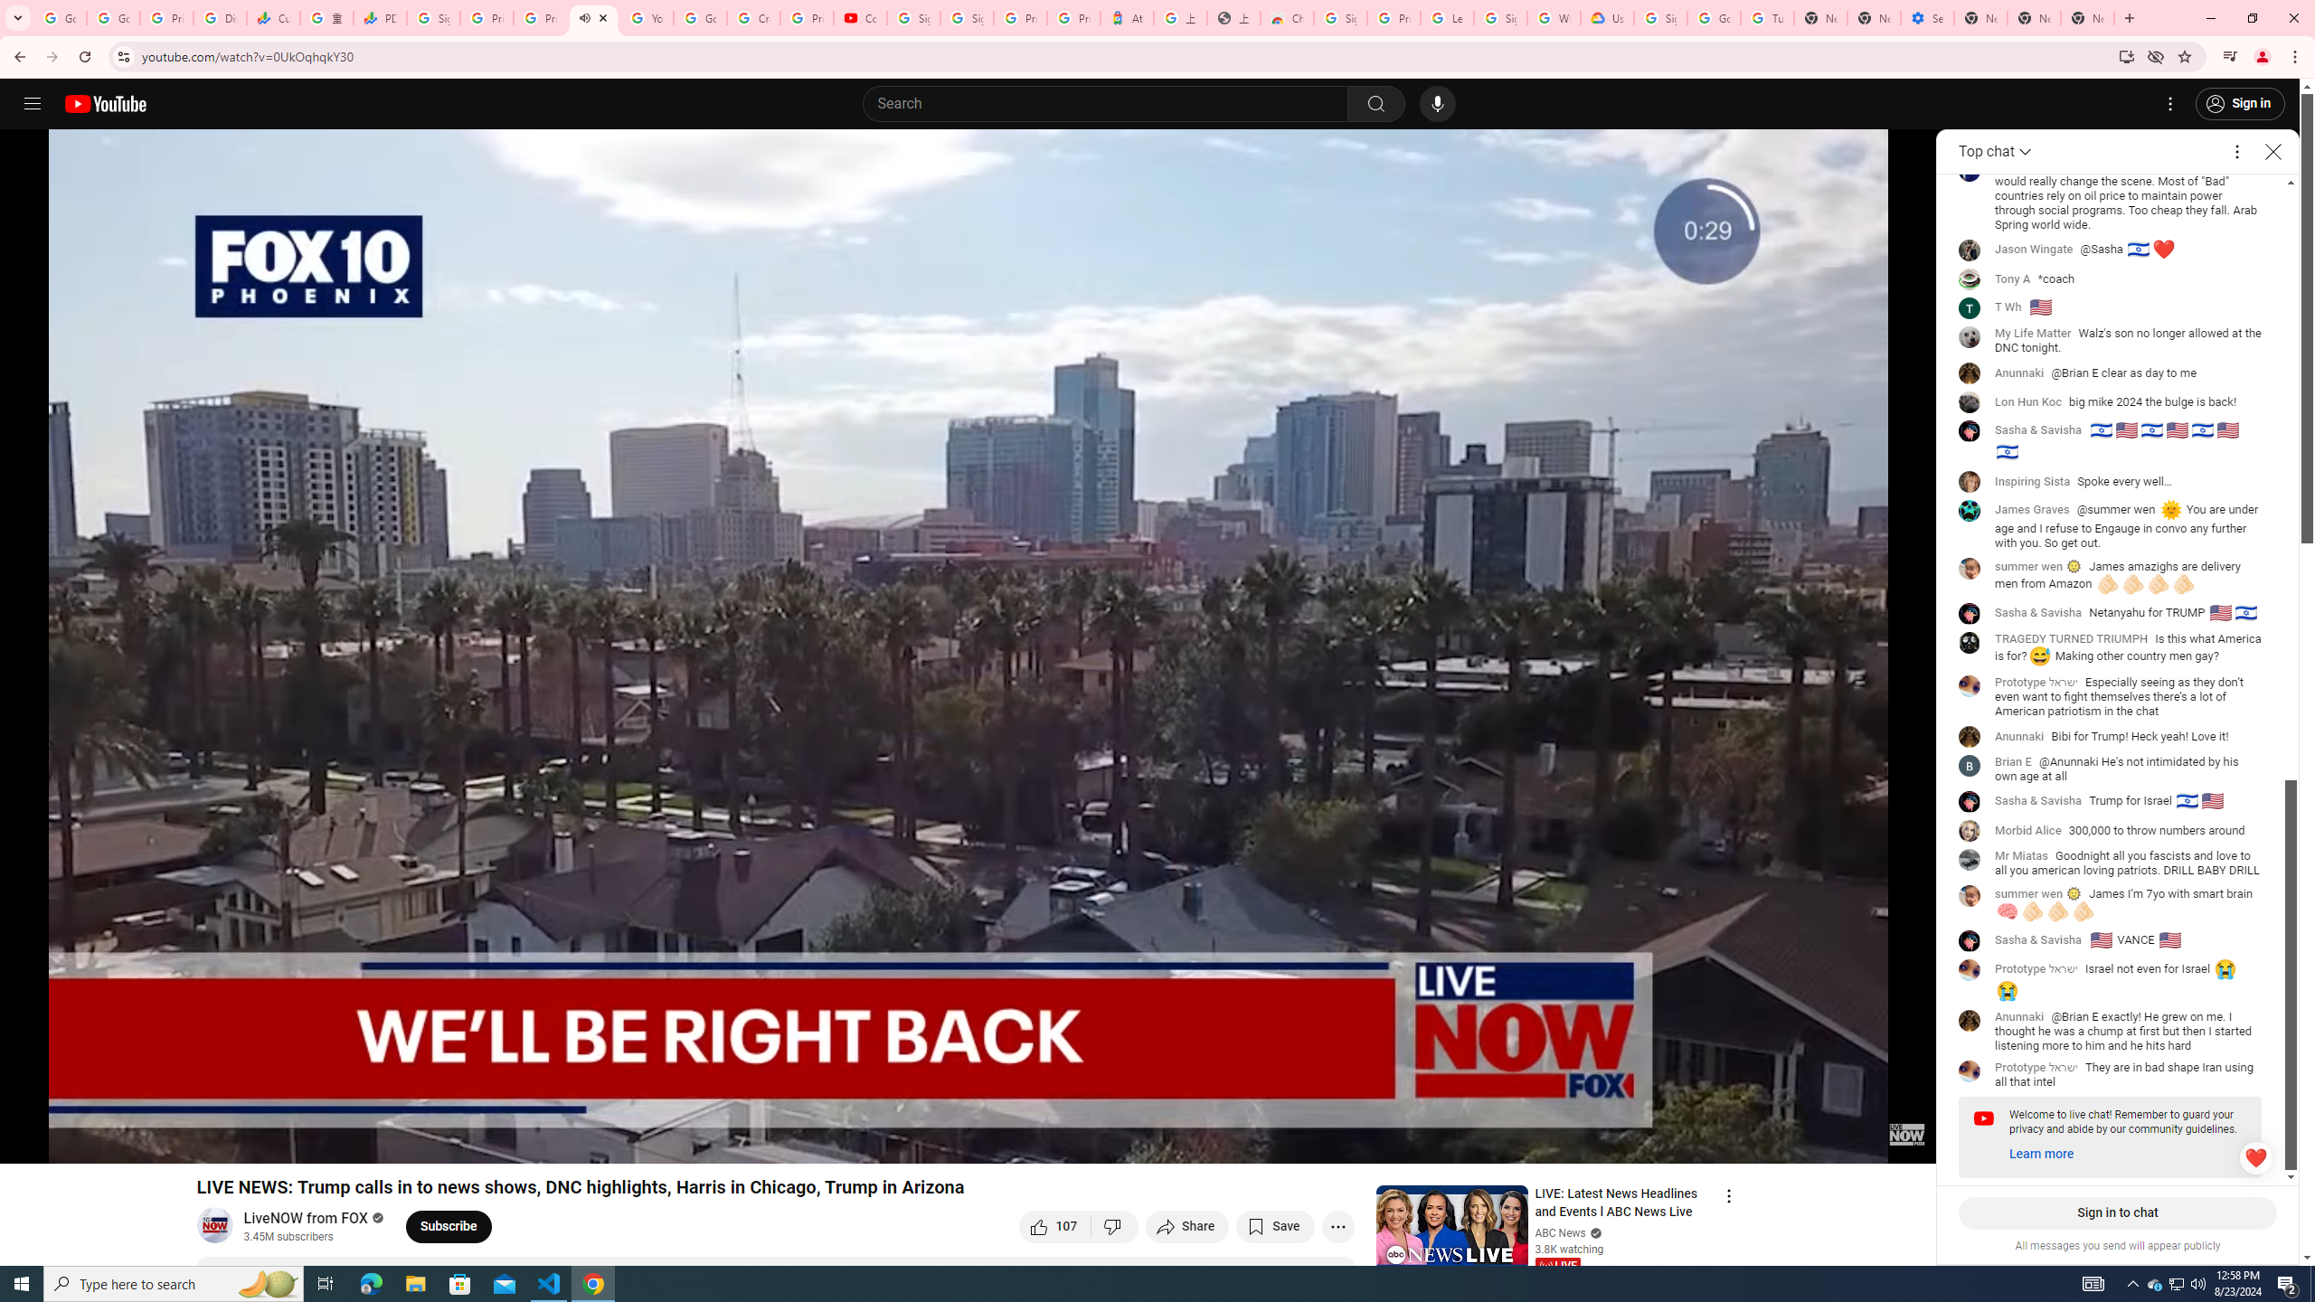 The height and width of the screenshot is (1302, 2315). What do you see at coordinates (1906, 1133) in the screenshot?
I see `'Channel watermark'` at bounding box center [1906, 1133].